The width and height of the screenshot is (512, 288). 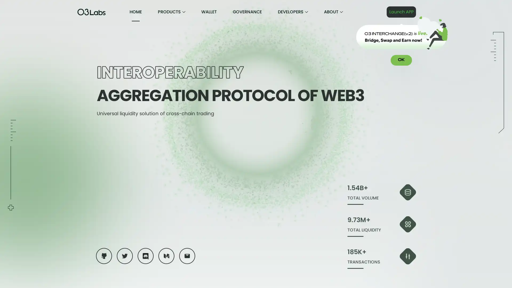 I want to click on Launch APP, so click(x=401, y=12).